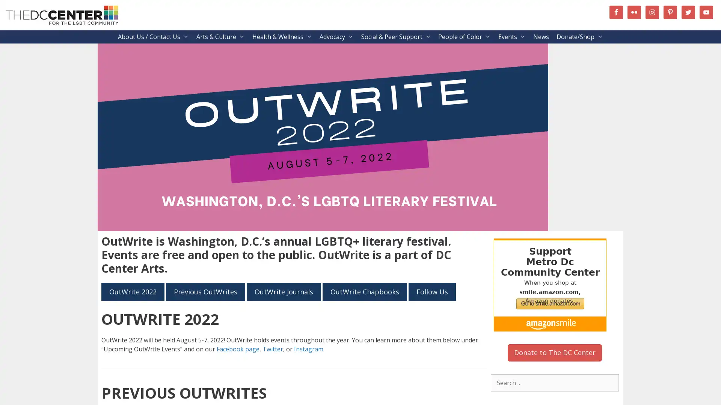 Image resolution: width=721 pixels, height=405 pixels. I want to click on Follow Us, so click(432, 291).